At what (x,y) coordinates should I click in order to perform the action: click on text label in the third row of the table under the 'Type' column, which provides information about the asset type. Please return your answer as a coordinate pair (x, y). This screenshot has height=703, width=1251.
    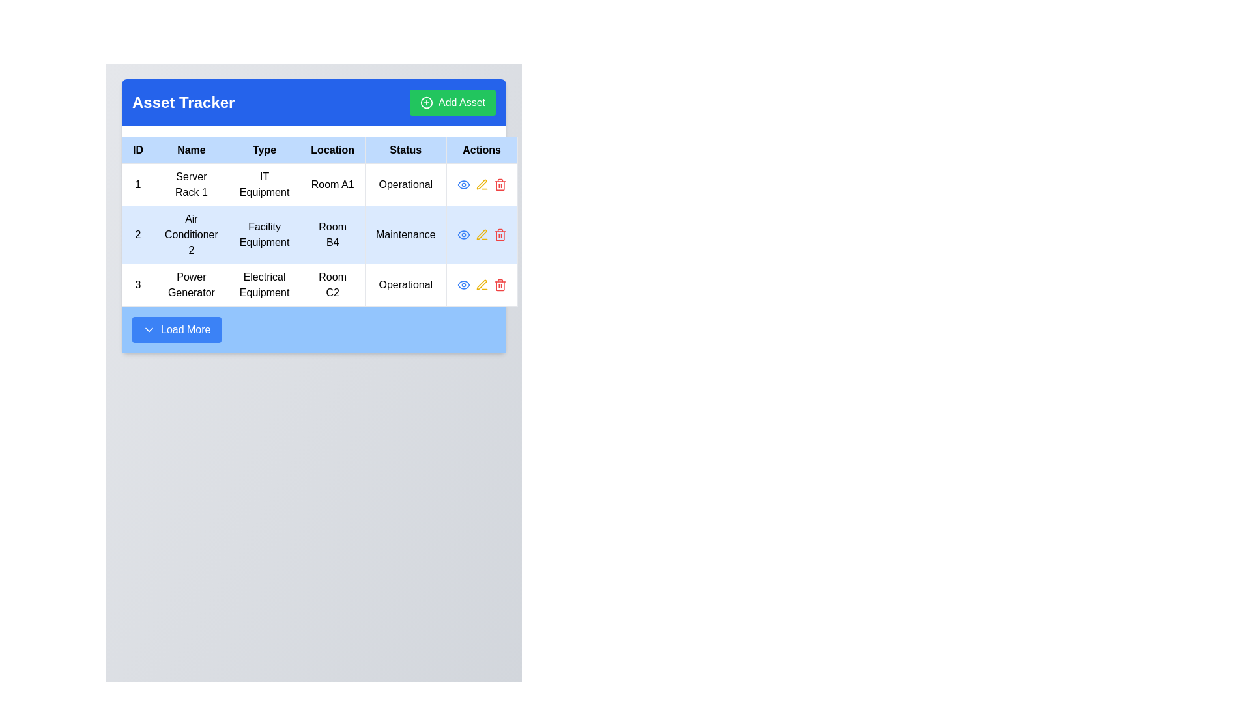
    Looking at the image, I should click on (264, 284).